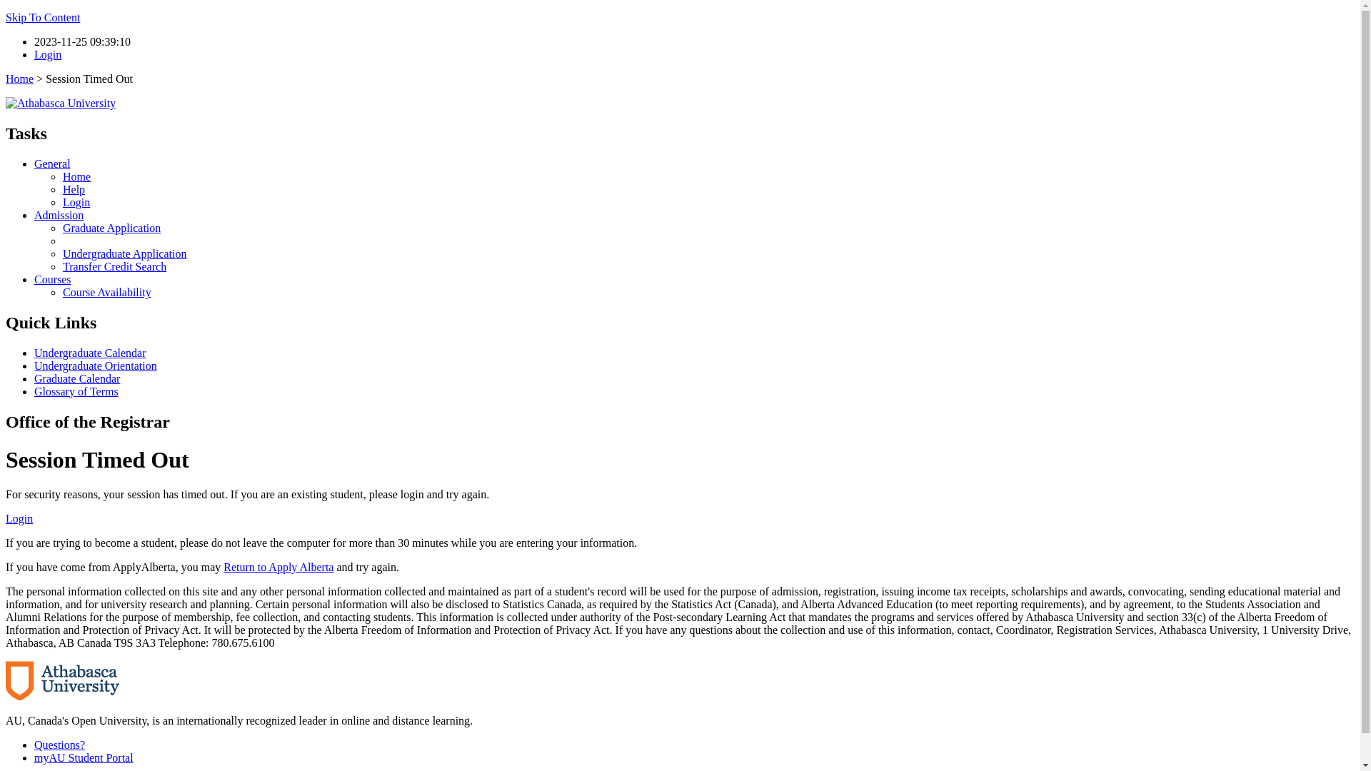  What do you see at coordinates (42, 17) in the screenshot?
I see `'Skip To Content'` at bounding box center [42, 17].